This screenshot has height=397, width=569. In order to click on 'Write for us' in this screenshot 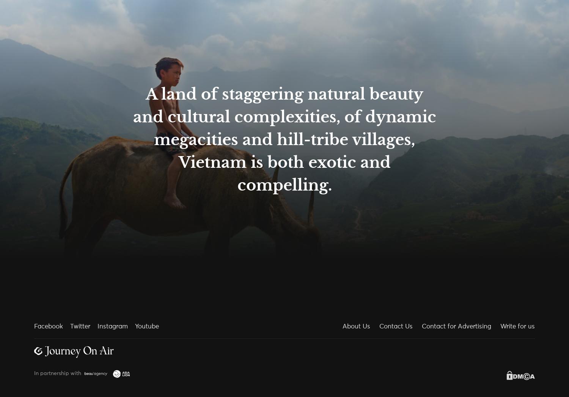, I will do `click(517, 327)`.